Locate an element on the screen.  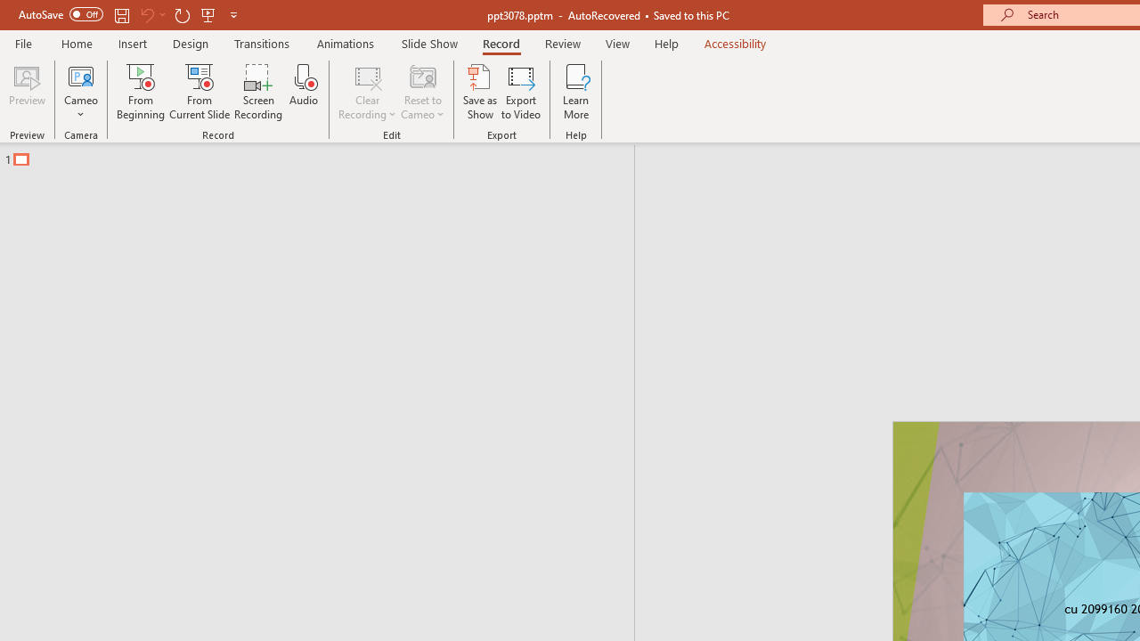
'Export to Video' is located at coordinates (520, 92).